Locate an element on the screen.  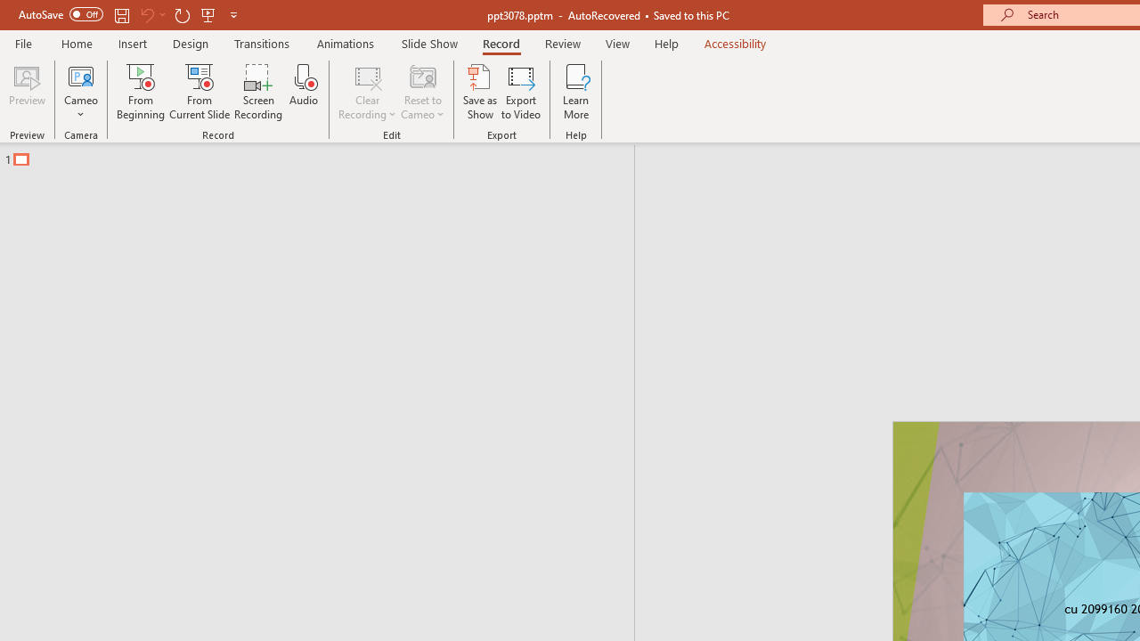
'Export to Video' is located at coordinates (520, 92).